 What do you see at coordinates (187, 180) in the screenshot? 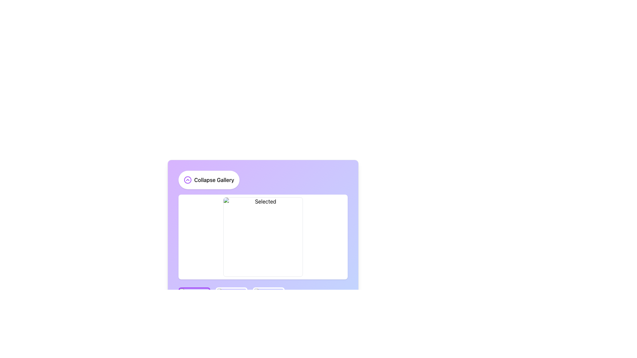
I see `the Icon Button located at the top-left corner of the light purple panel, which is next to the text 'Collapse Gallery'` at bounding box center [187, 180].